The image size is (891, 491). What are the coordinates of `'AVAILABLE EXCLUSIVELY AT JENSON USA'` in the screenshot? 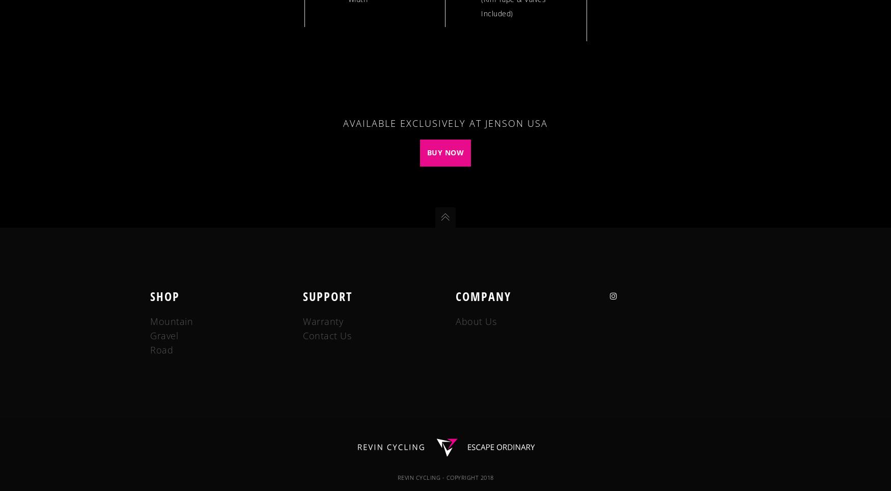 It's located at (445, 123).